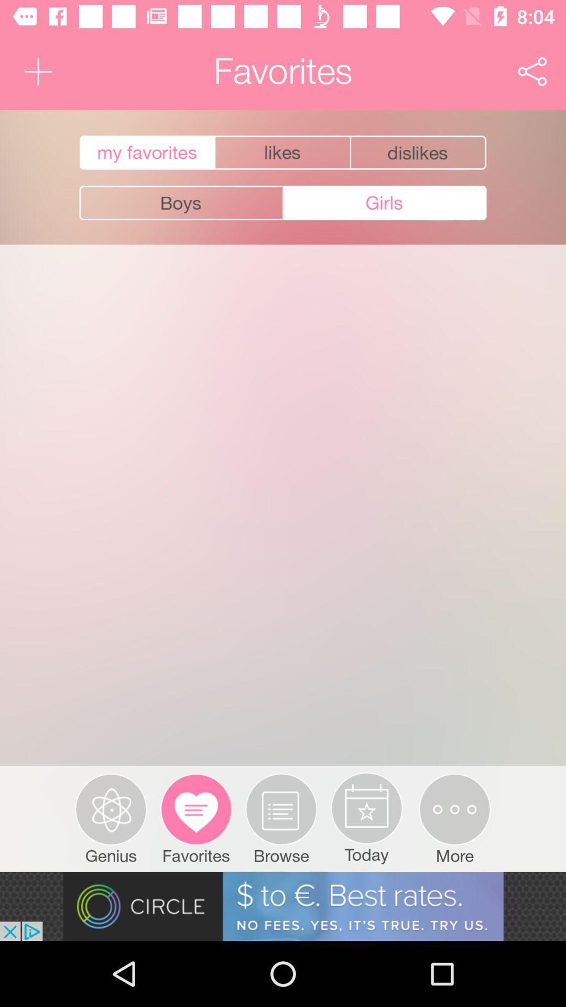 The width and height of the screenshot is (566, 1007). I want to click on click advertisement, so click(283, 906).